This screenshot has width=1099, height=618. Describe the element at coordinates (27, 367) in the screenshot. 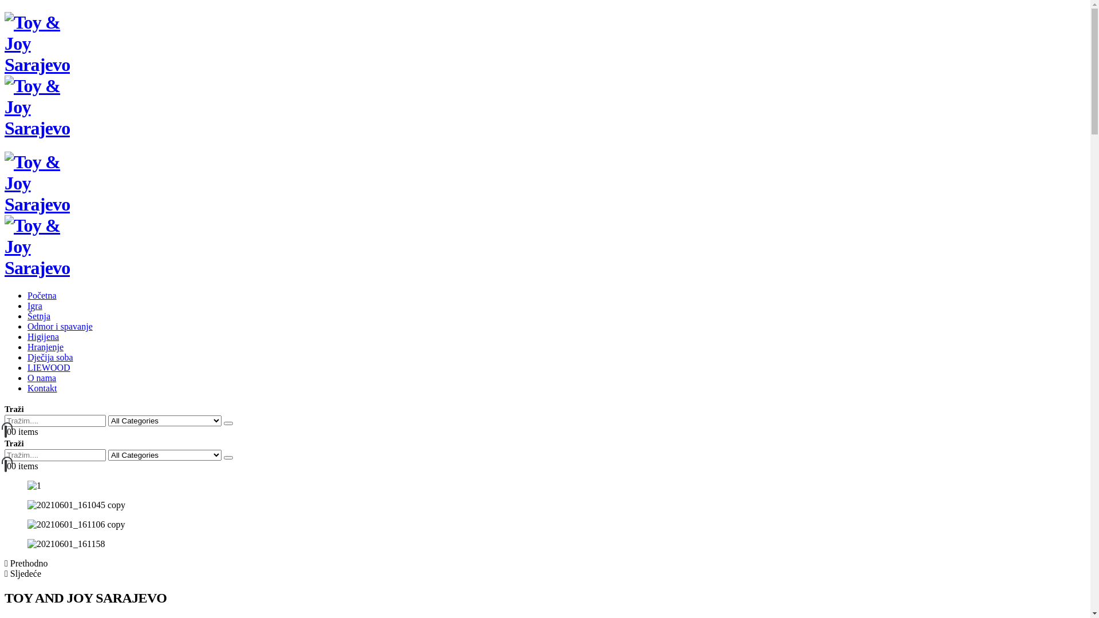

I see `'LIEWOOD'` at that location.